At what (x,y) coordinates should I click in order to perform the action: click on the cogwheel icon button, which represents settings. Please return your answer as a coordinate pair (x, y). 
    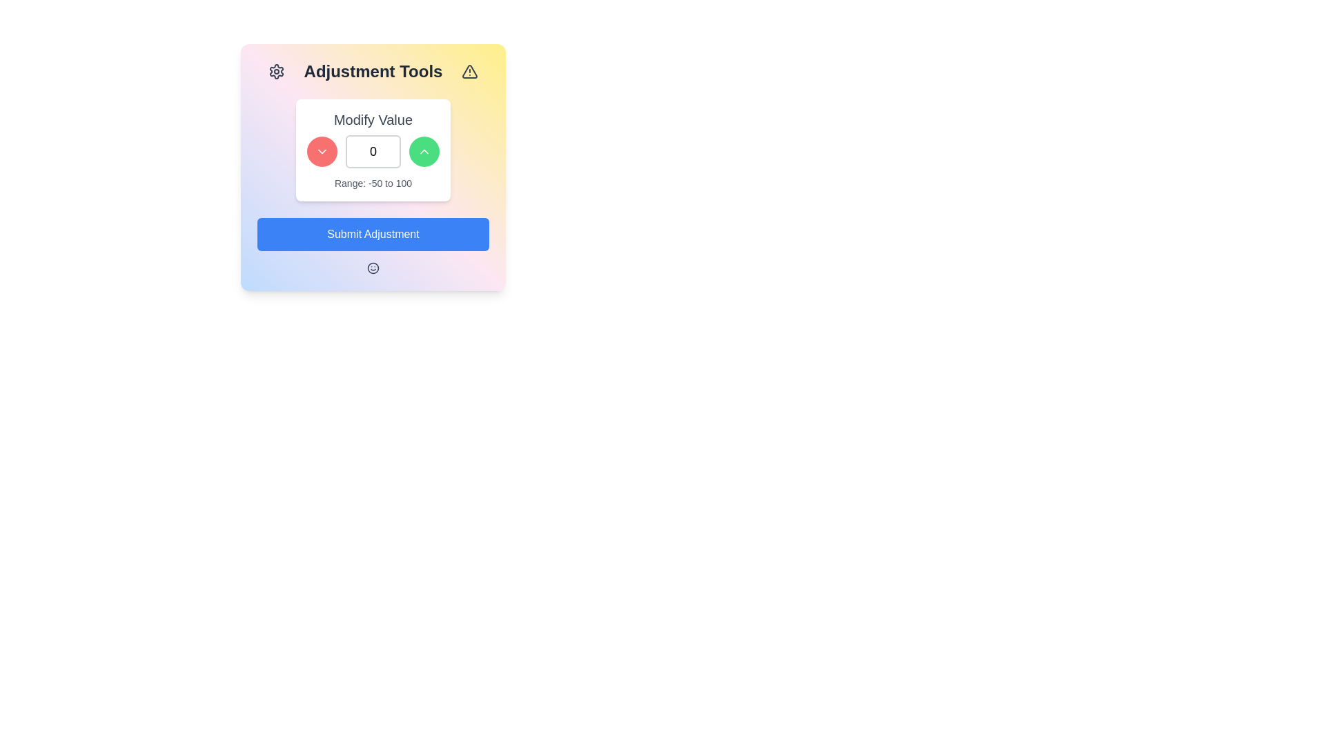
    Looking at the image, I should click on (276, 72).